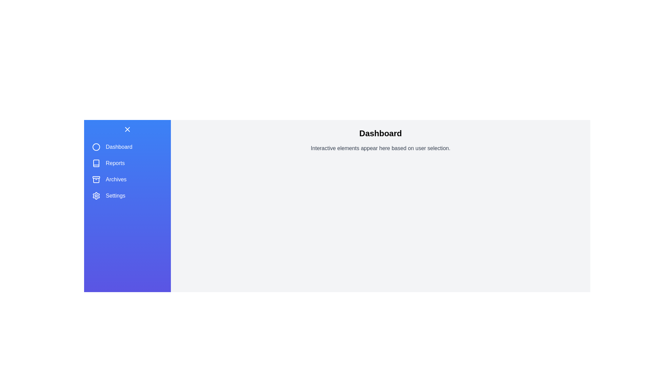 The height and width of the screenshot is (366, 651). I want to click on the menu item labeled Archives, so click(127, 179).